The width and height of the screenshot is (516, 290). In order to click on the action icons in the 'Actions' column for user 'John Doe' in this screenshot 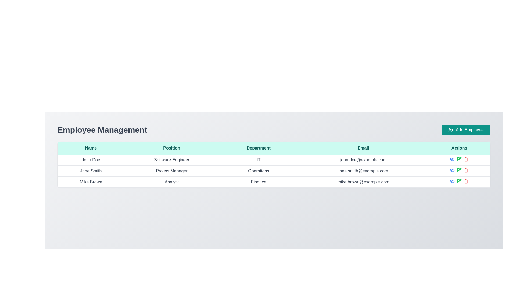, I will do `click(459, 159)`.